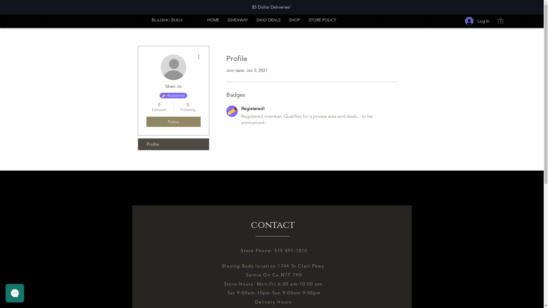 Image resolution: width=548 pixels, height=308 pixels. Describe the element at coordinates (159, 107) in the screenshot. I see `'0` at that location.